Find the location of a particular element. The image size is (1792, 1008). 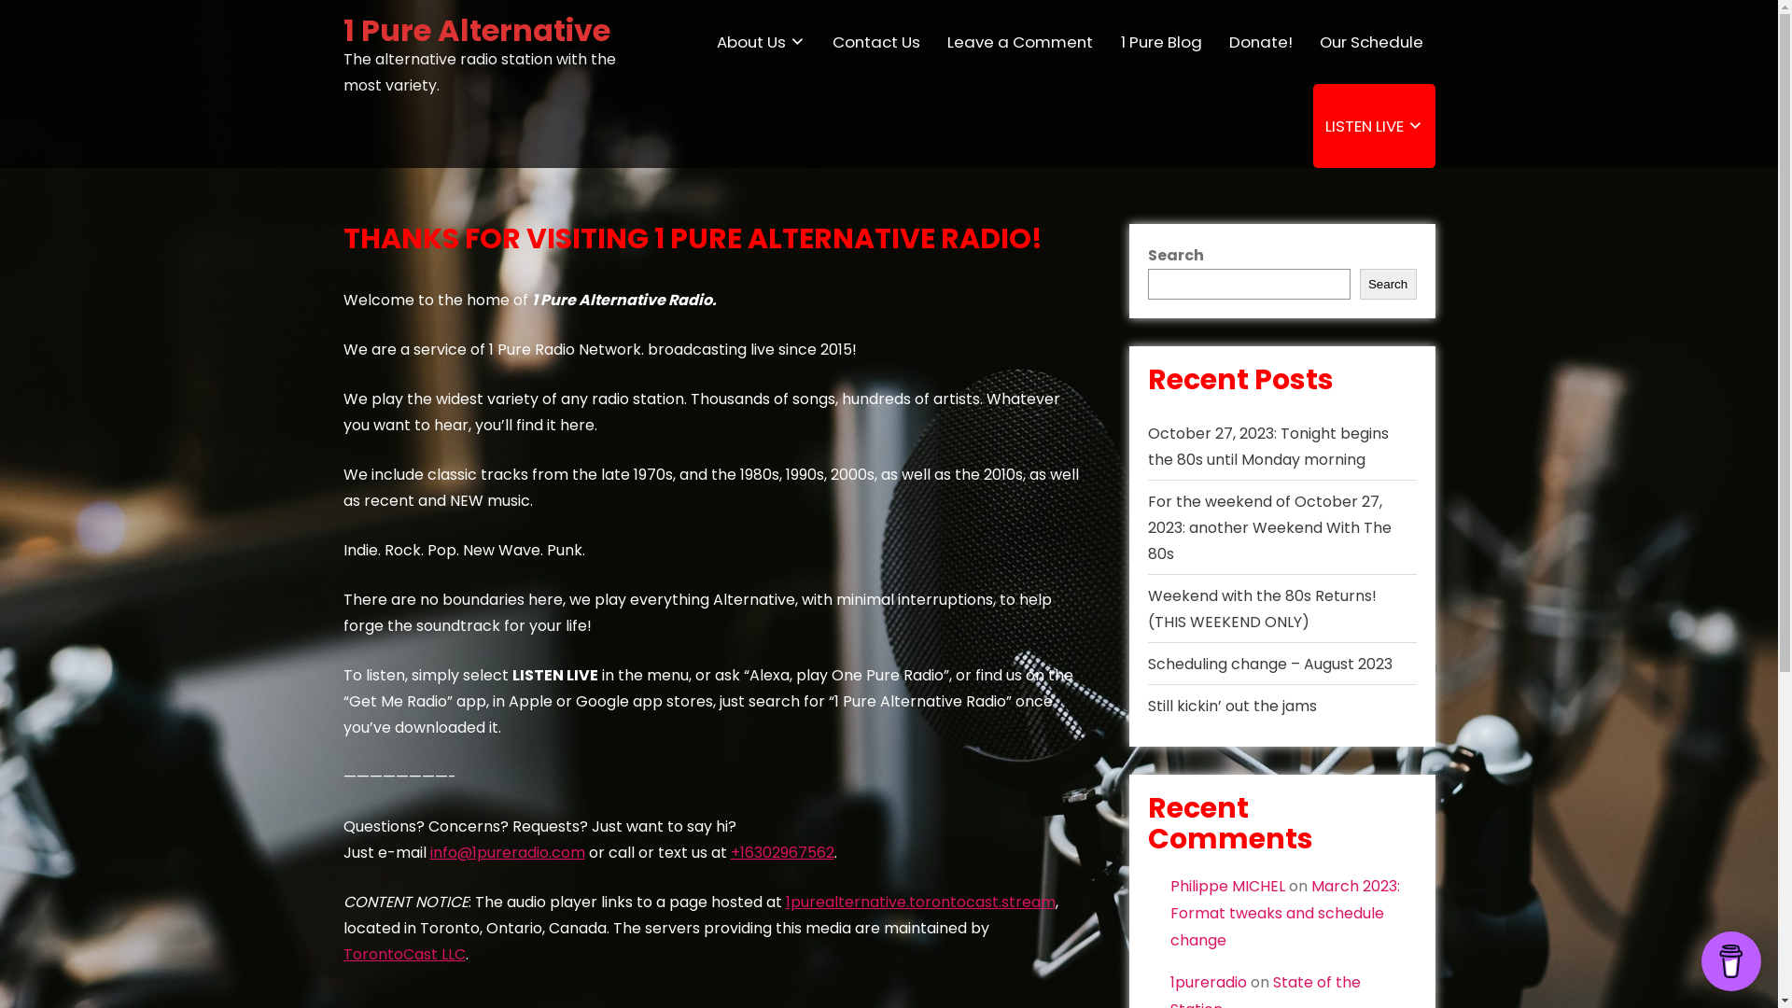

'1purealternative.torontocast.stream' is located at coordinates (920, 901).